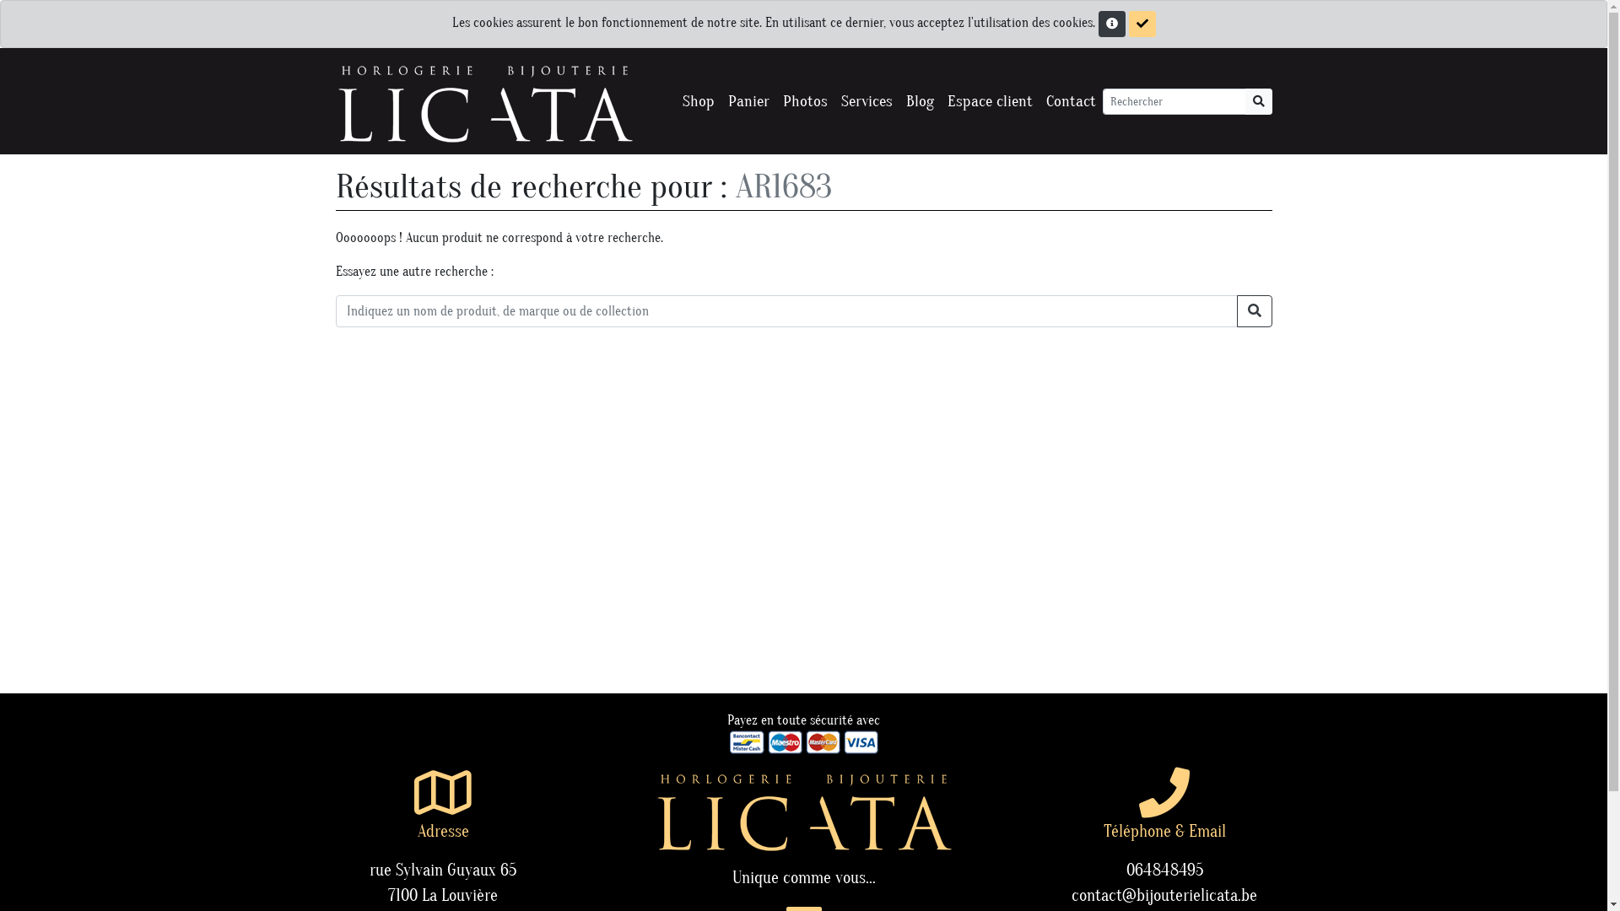  Describe the element at coordinates (483, 100) in the screenshot. I see `'Bijouterie Licata'` at that location.